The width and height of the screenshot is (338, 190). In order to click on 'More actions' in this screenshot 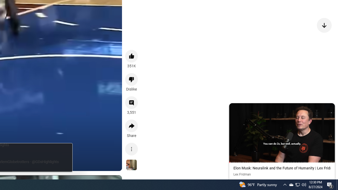, I will do `click(132, 149)`.